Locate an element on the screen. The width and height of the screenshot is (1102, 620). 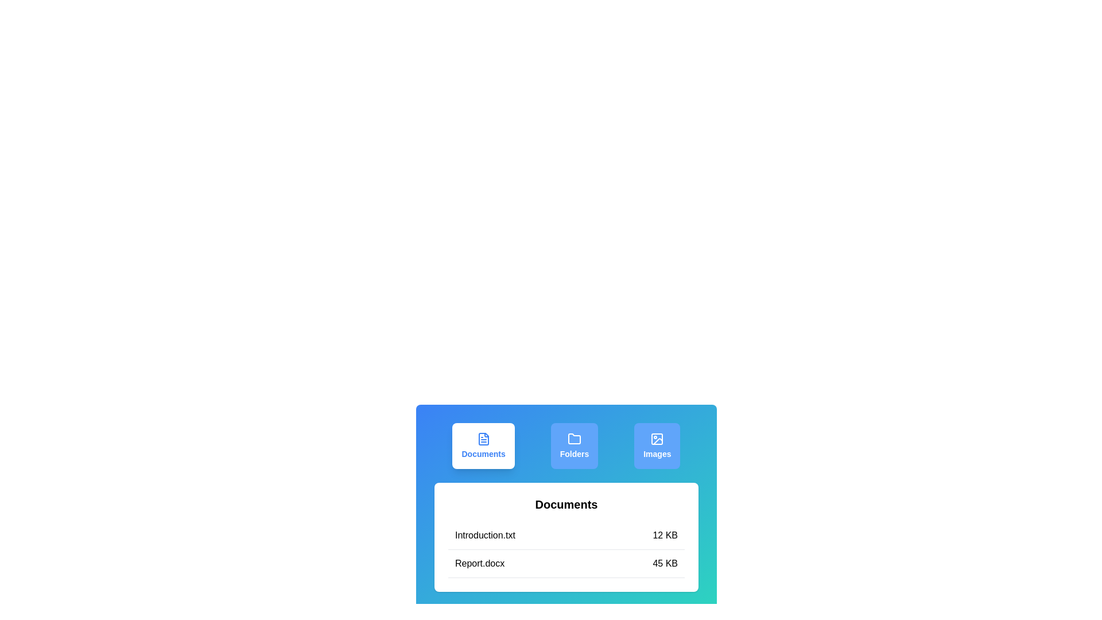
the 'Documents' icon, which is the first icon in a row of three icons, indicating the active tab is located at coordinates (483, 439).